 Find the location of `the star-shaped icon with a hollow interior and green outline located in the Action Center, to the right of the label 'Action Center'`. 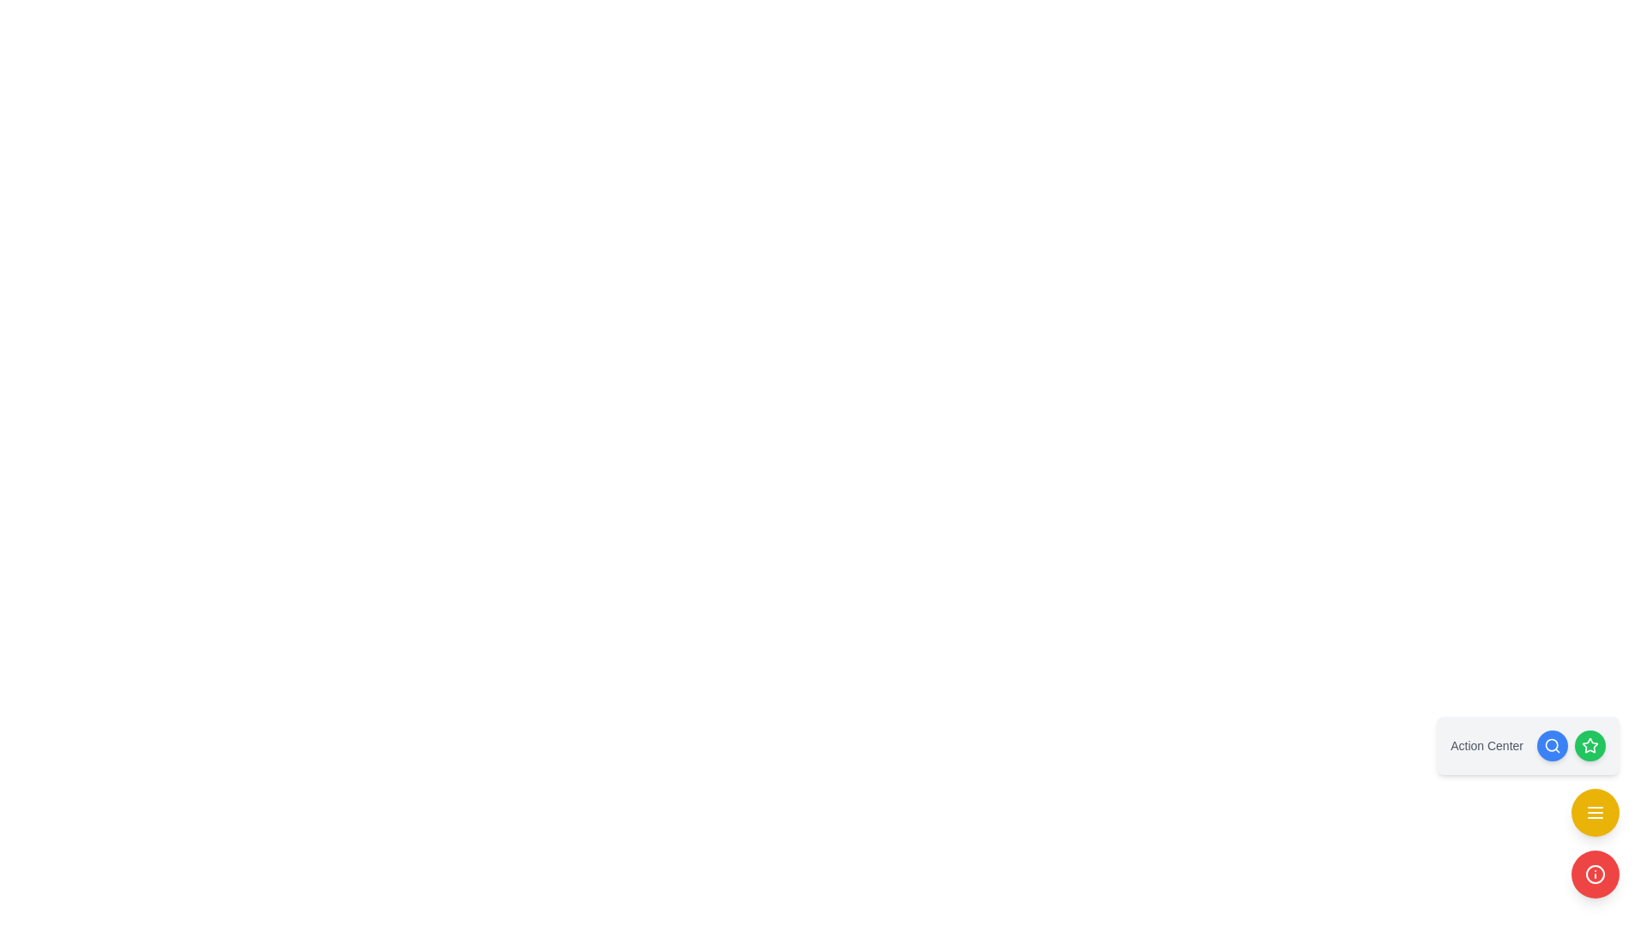

the star-shaped icon with a hollow interior and green outline located in the Action Center, to the right of the label 'Action Center' is located at coordinates (1589, 744).